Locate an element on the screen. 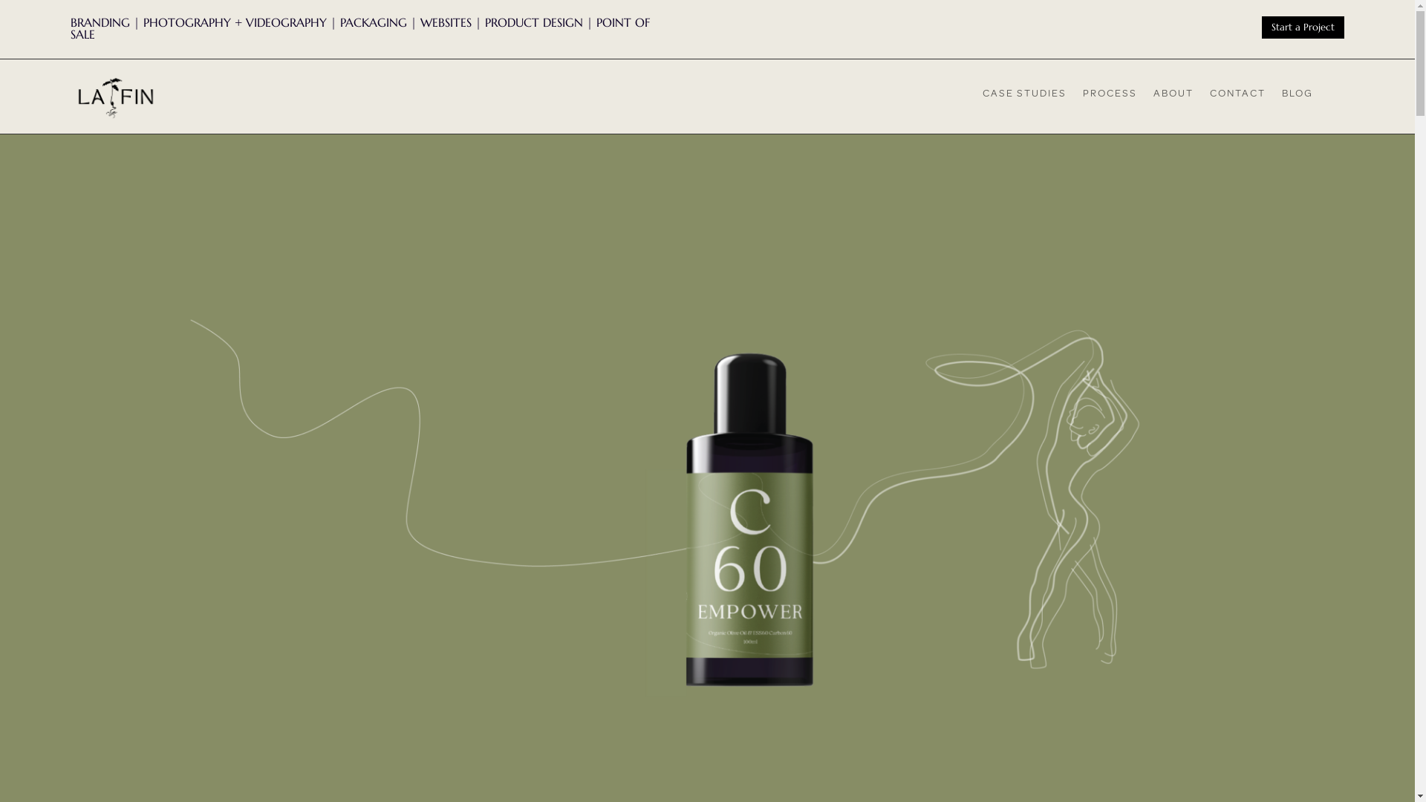 This screenshot has height=802, width=1426. 'CASE STUDIES' is located at coordinates (1023, 97).